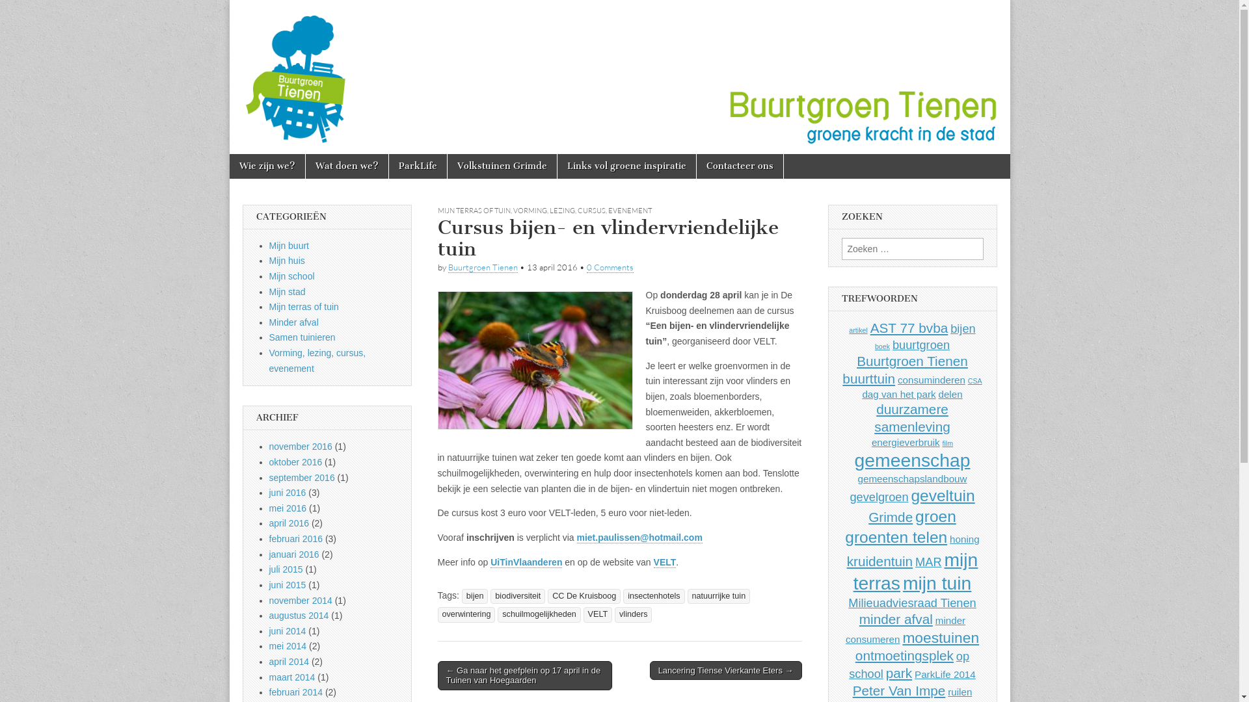 Image resolution: width=1249 pixels, height=702 pixels. Describe the element at coordinates (889, 516) in the screenshot. I see `'Grimde'` at that location.